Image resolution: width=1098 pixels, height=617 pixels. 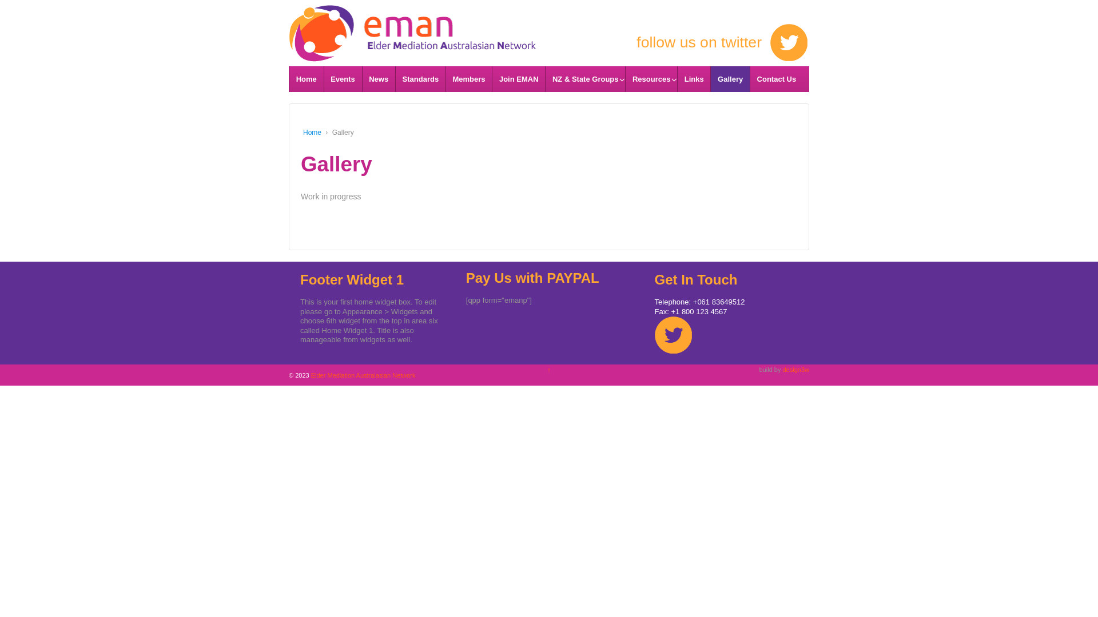 I want to click on 'Join EMAN', so click(x=518, y=78).